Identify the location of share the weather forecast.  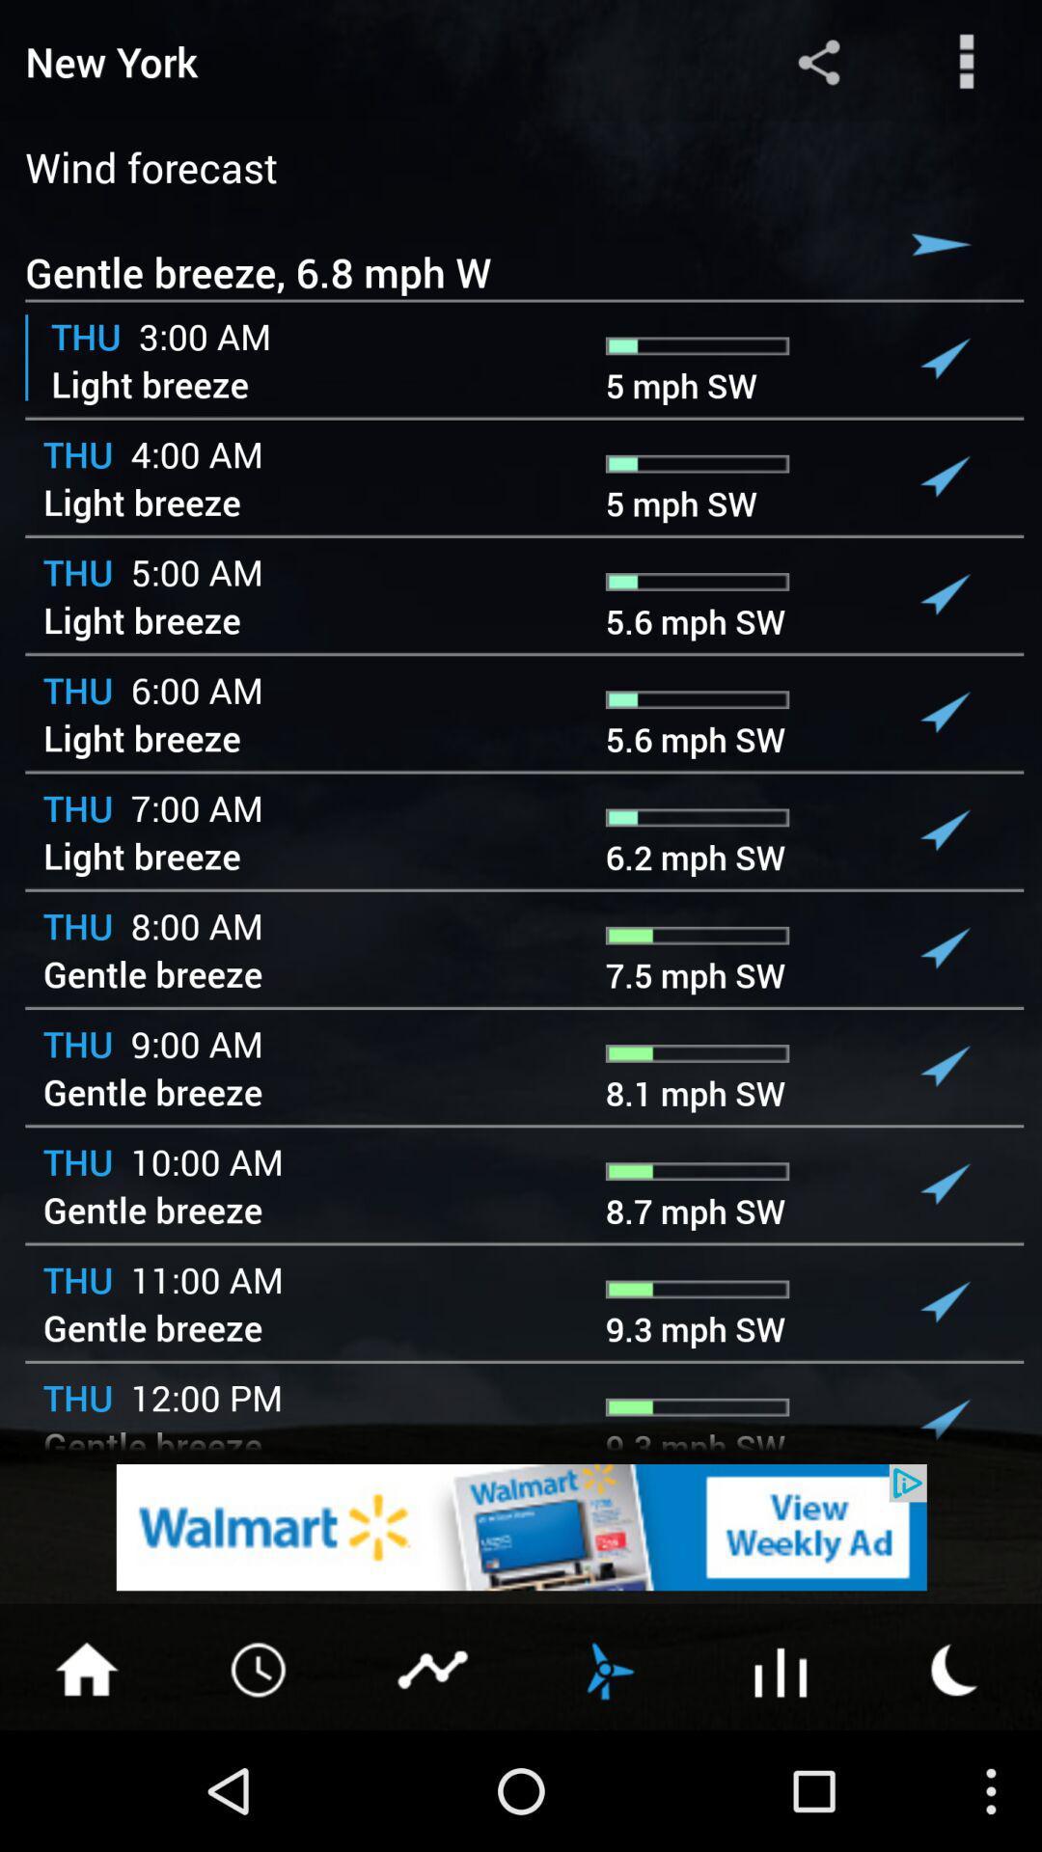
(818, 61).